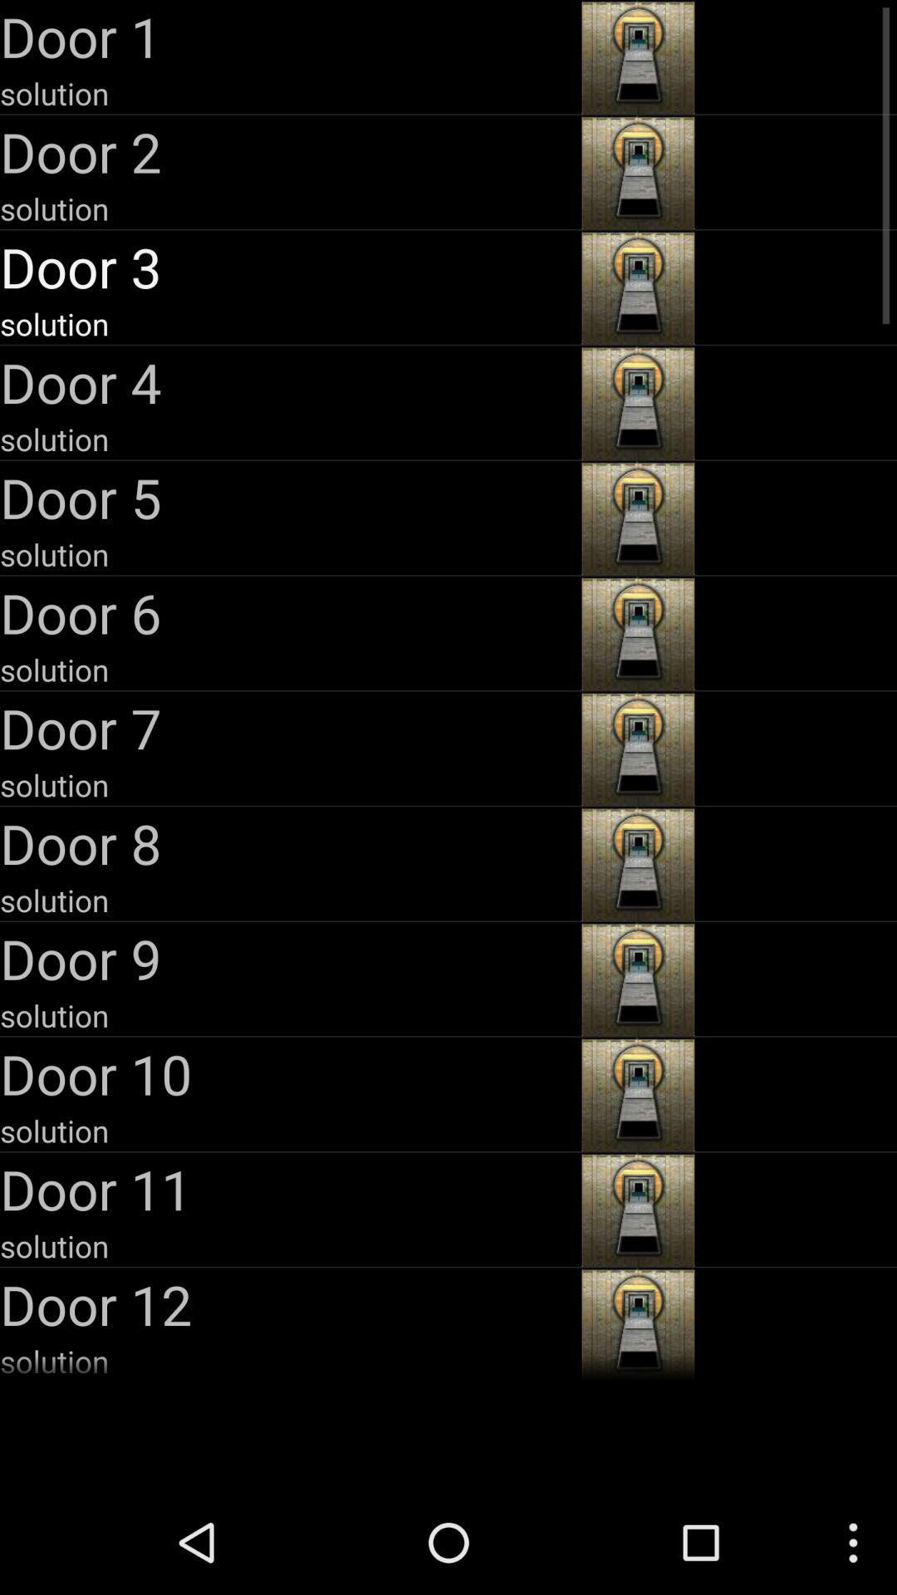 The height and width of the screenshot is (1595, 897). I want to click on item above solution item, so click(287, 611).